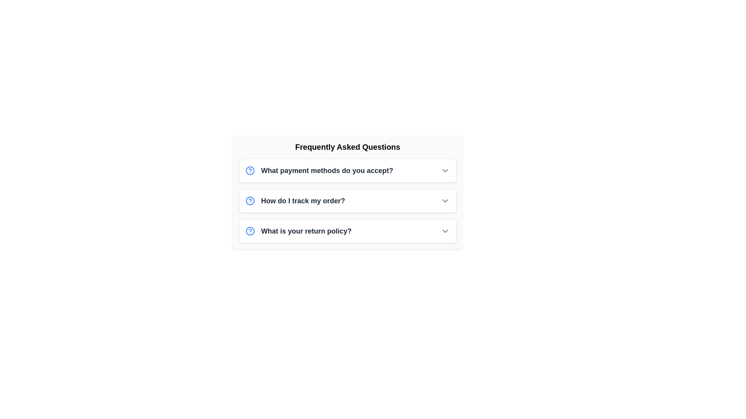 The image size is (746, 419). Describe the element at coordinates (250, 200) in the screenshot. I see `the blue circular help icon located in the middle position of the FAQ section's three-item list` at that location.